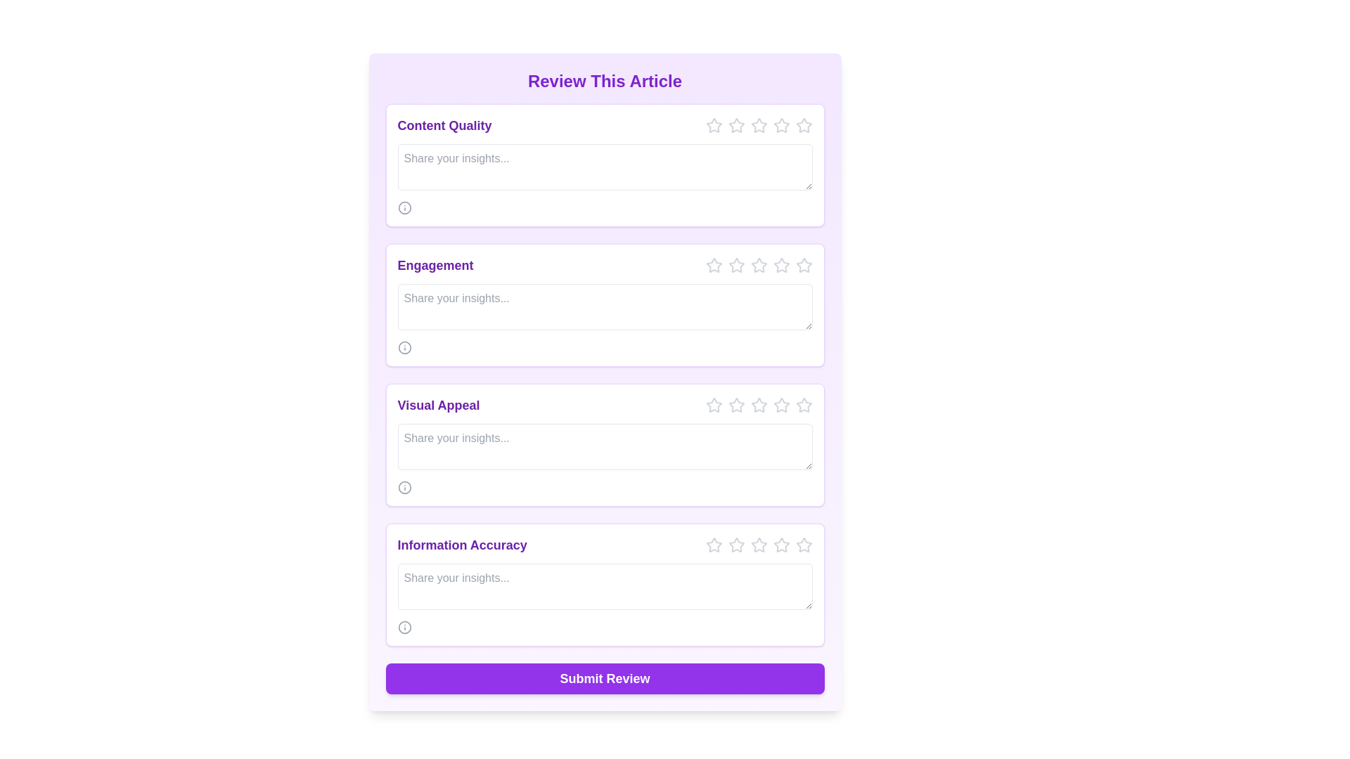 The width and height of the screenshot is (1350, 759). Describe the element at coordinates (780, 266) in the screenshot. I see `the fifth star button` at that location.